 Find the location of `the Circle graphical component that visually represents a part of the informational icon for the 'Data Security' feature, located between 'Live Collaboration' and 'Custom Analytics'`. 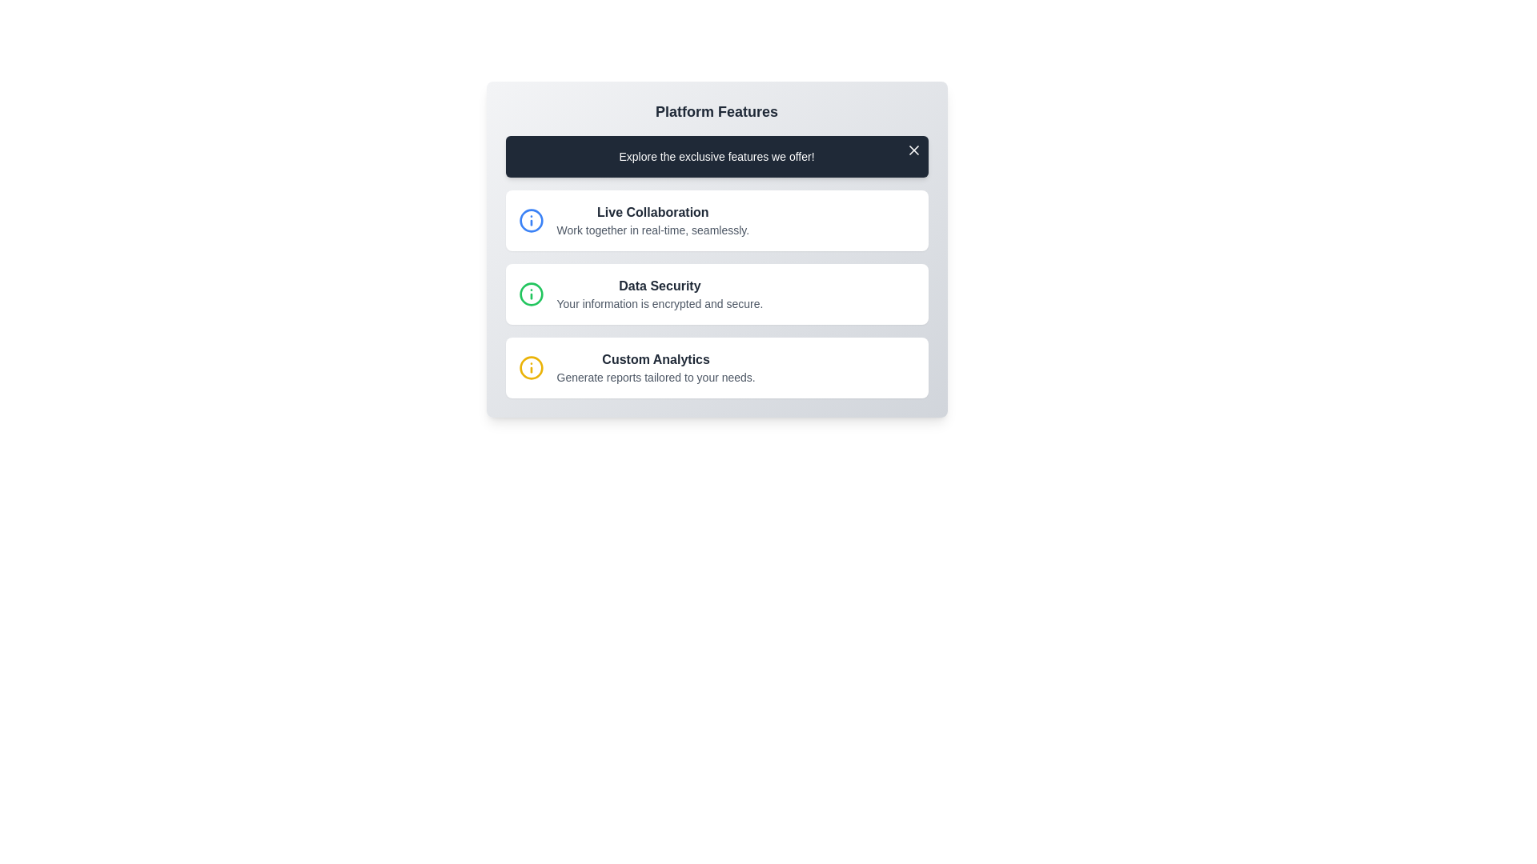

the Circle graphical component that visually represents a part of the informational icon for the 'Data Security' feature, located between 'Live Collaboration' and 'Custom Analytics' is located at coordinates (531, 294).